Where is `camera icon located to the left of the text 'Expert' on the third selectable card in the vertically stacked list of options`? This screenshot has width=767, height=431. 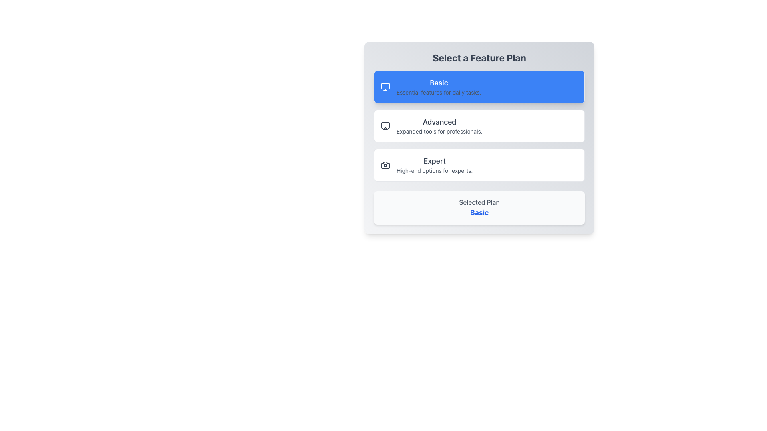
camera icon located to the left of the text 'Expert' on the third selectable card in the vertically stacked list of options is located at coordinates (385, 164).